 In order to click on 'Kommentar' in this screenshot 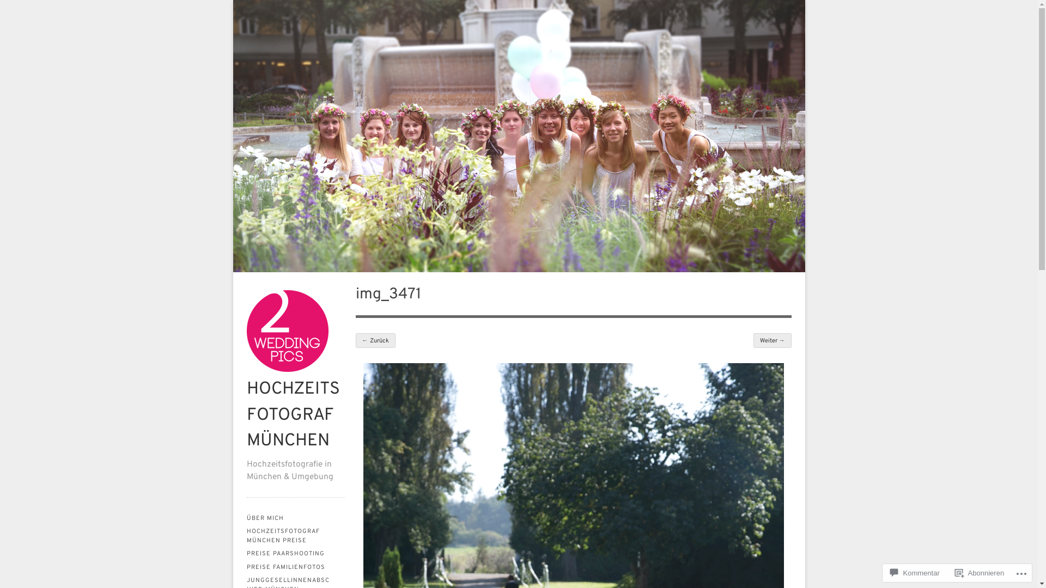, I will do `click(915, 572)`.